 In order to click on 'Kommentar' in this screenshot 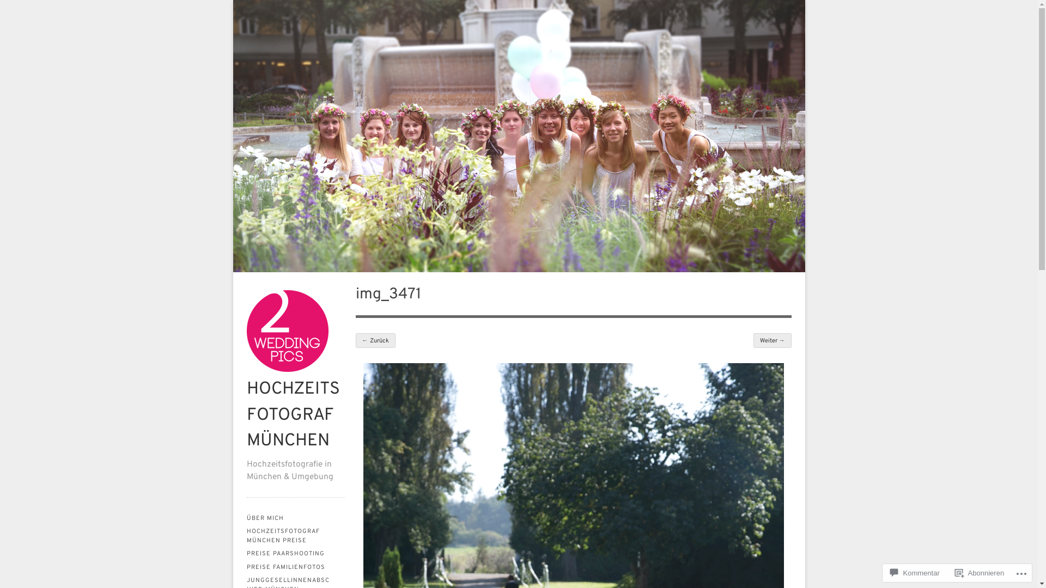, I will do `click(915, 572)`.